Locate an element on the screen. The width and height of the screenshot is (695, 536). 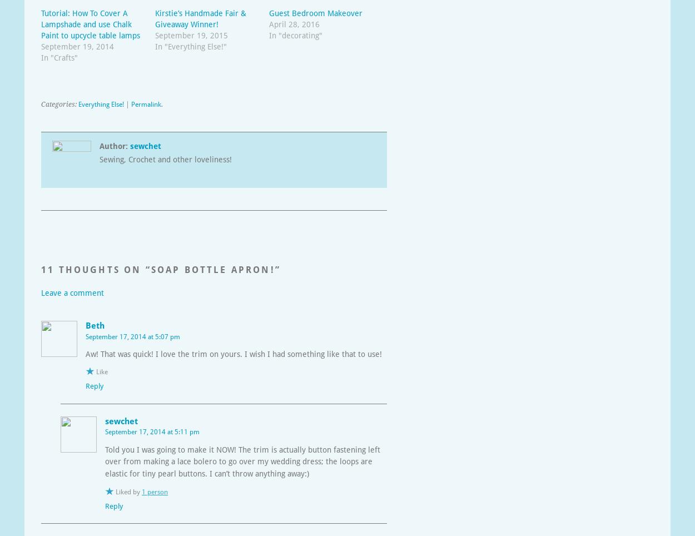
'.' is located at coordinates (162, 103).